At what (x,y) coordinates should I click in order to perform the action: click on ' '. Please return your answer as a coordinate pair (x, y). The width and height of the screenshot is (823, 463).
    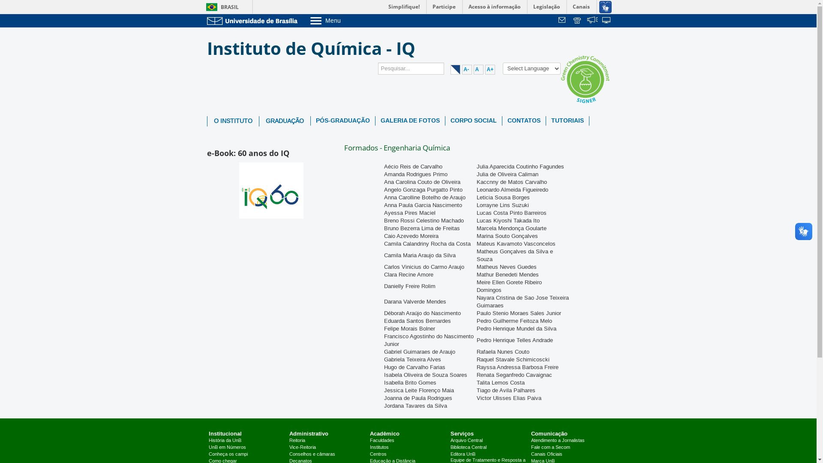
    Looking at the image, I should click on (578, 21).